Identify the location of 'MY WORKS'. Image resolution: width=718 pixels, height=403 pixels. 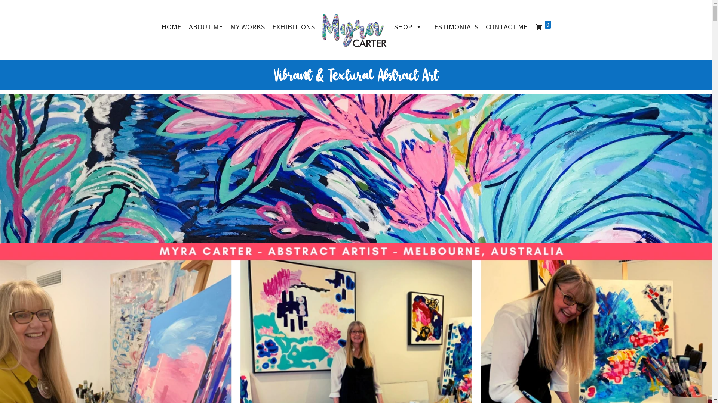
(248, 26).